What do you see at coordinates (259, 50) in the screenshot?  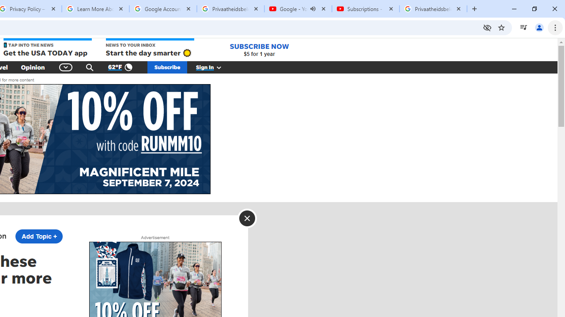 I see `'SUBSCRIBE NOW $5 for 1 year'` at bounding box center [259, 50].